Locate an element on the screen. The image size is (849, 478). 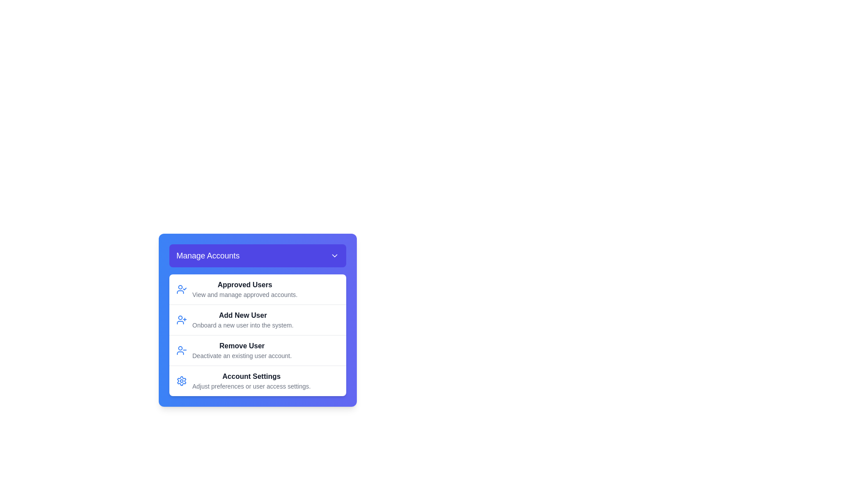
the text label that serves as the header for adding a new user, located in the 'Manage Accounts' section is located at coordinates (243, 315).